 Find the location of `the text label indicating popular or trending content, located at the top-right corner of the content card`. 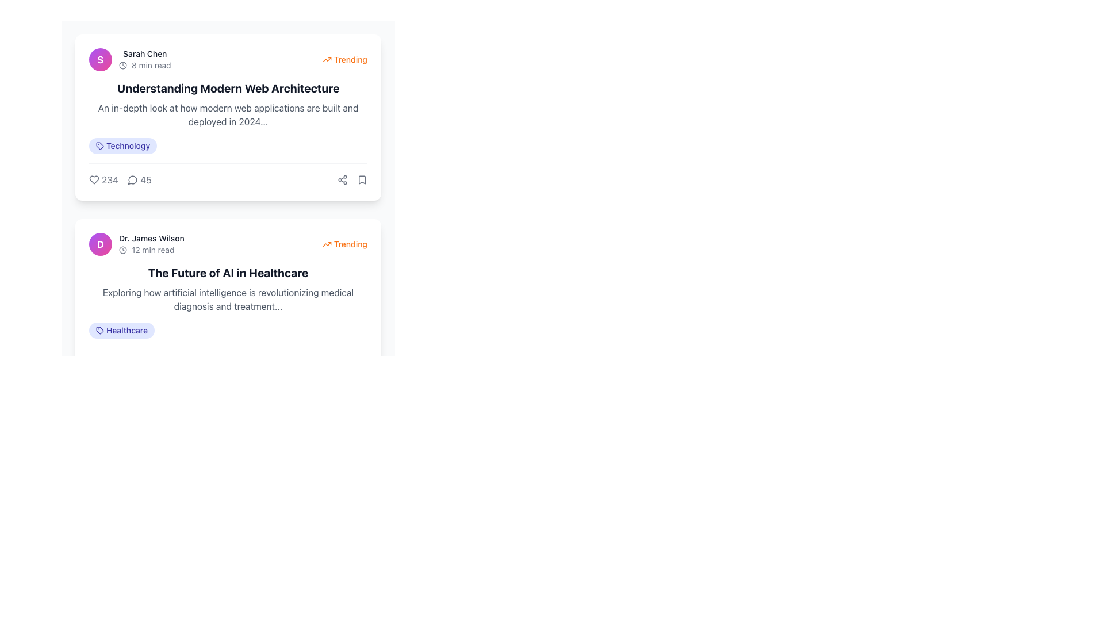

the text label indicating popular or trending content, located at the top-right corner of the content card is located at coordinates (350, 60).